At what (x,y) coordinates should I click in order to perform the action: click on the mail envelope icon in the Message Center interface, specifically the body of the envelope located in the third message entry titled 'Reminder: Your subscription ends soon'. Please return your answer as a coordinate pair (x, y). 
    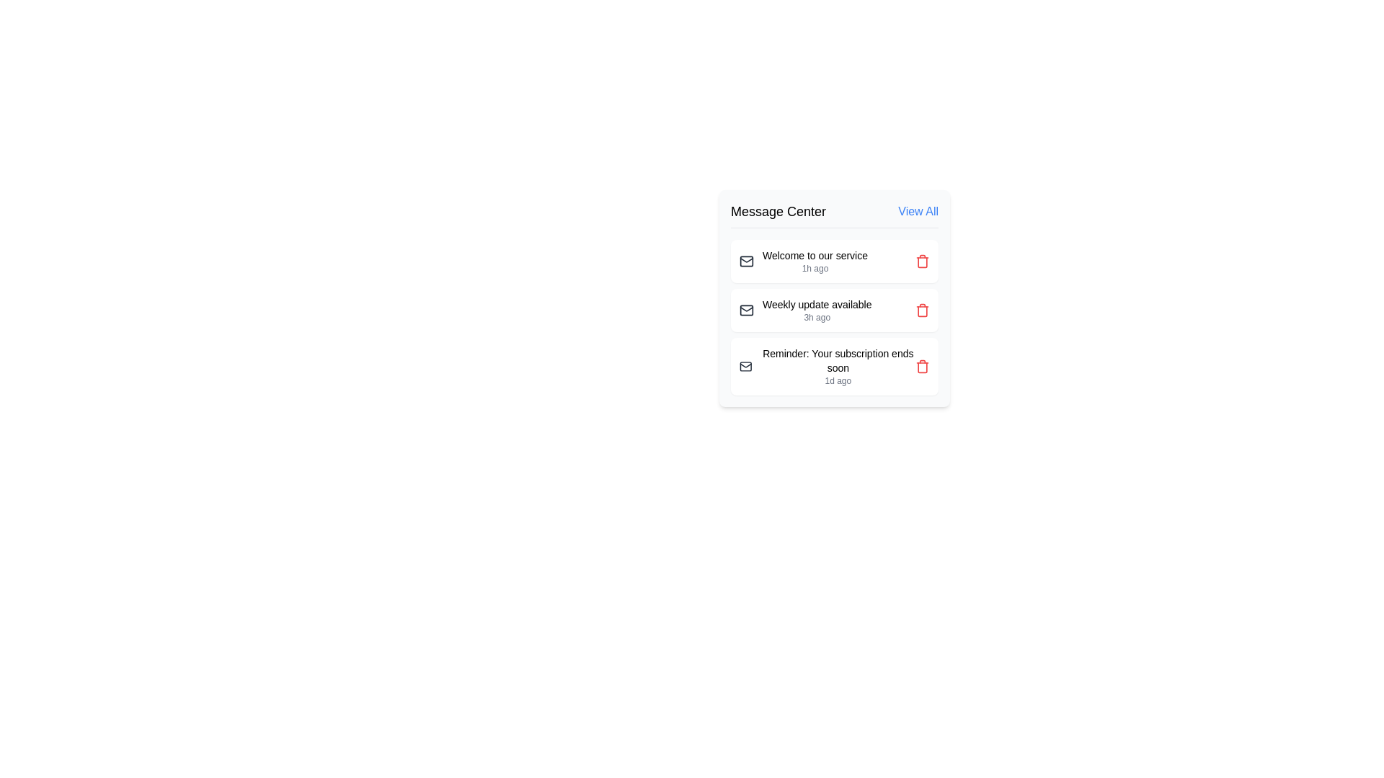
    Looking at the image, I should click on (745, 366).